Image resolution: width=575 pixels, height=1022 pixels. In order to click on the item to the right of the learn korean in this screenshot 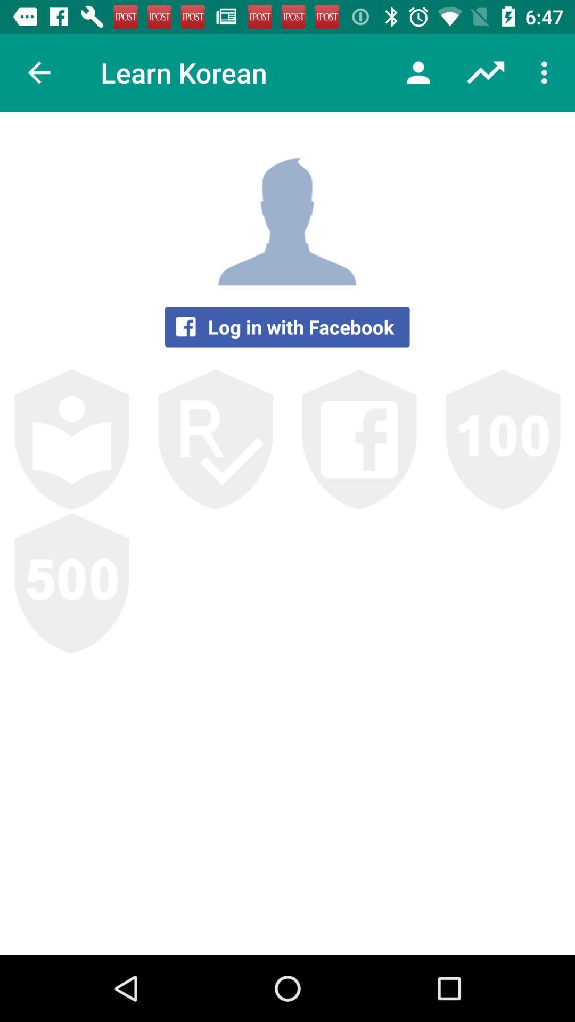, I will do `click(418, 72)`.